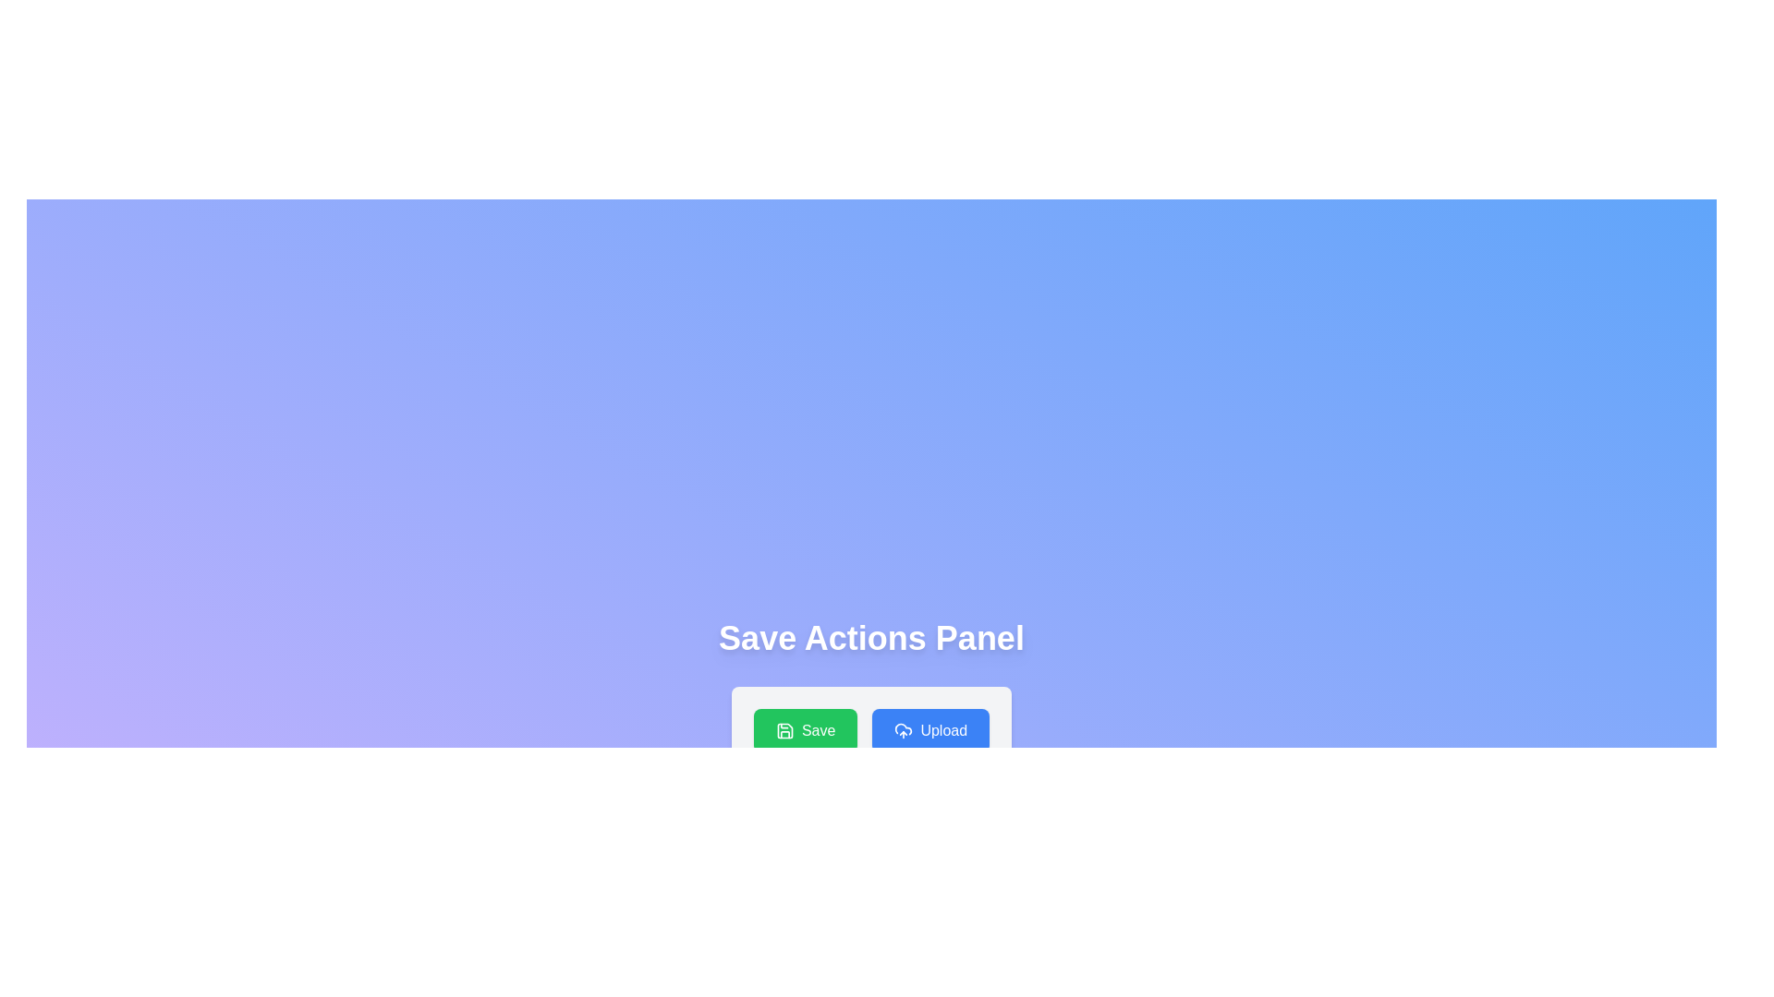  Describe the element at coordinates (784, 729) in the screenshot. I see `the 'Save' icon located inside the green 'Save' button, which is positioned to the left of the text 'Save'` at that location.